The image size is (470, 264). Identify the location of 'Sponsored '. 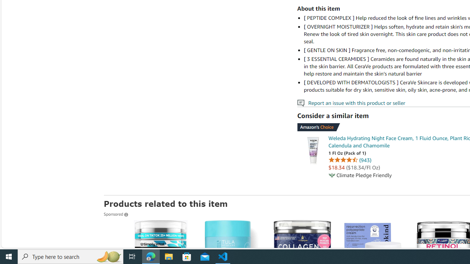
(115, 214).